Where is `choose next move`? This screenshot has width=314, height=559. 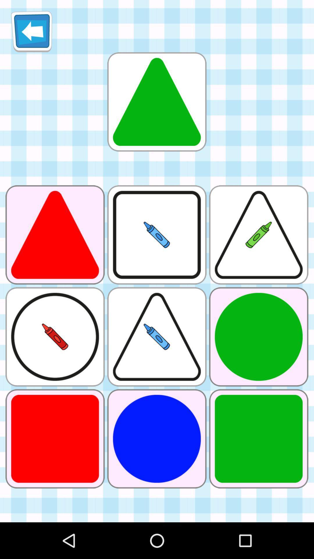
choose next move is located at coordinates (156, 102).